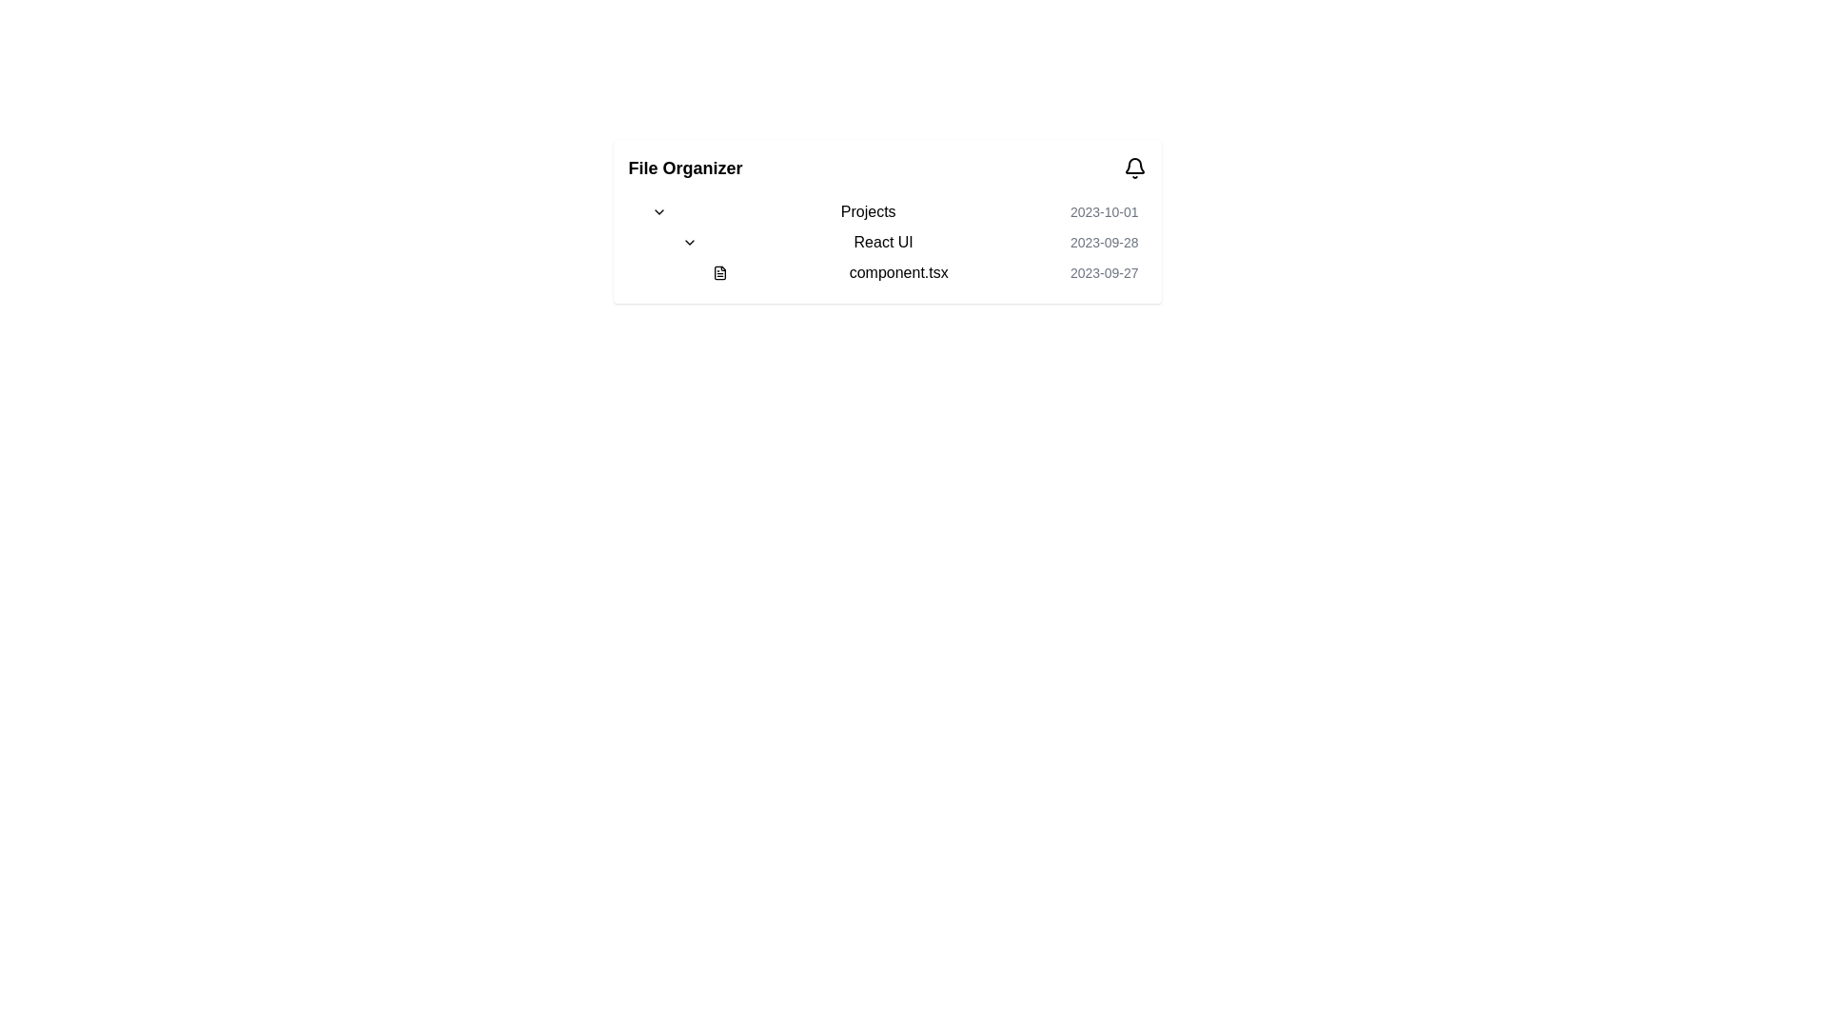  I want to click on the file icon, which is a minimal outline representation of a document located next to the file name 'component.tsx' in the 'React UI' folder of the file organizer interface, so click(718, 272).